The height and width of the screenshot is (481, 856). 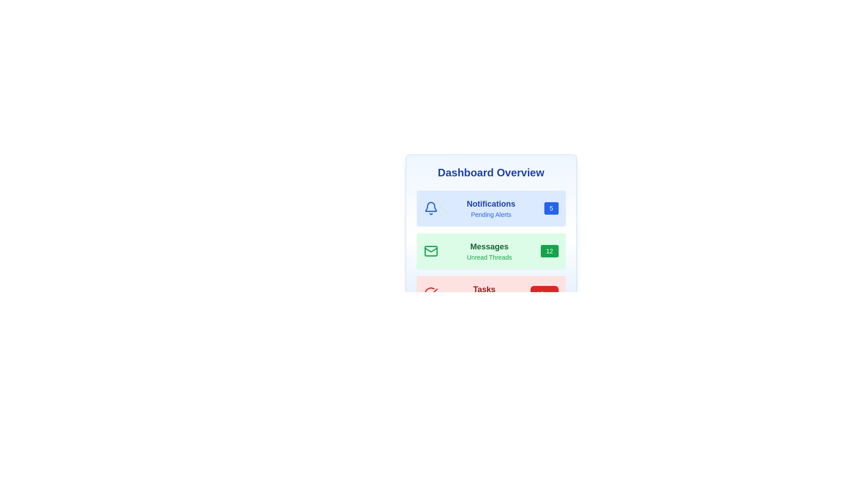 What do you see at coordinates (431, 250) in the screenshot?
I see `the triangular flap of the envelope icon located in the 'Messages' section of the dashboard, which has a green background and is styled in a minimalist line-drawing style` at bounding box center [431, 250].